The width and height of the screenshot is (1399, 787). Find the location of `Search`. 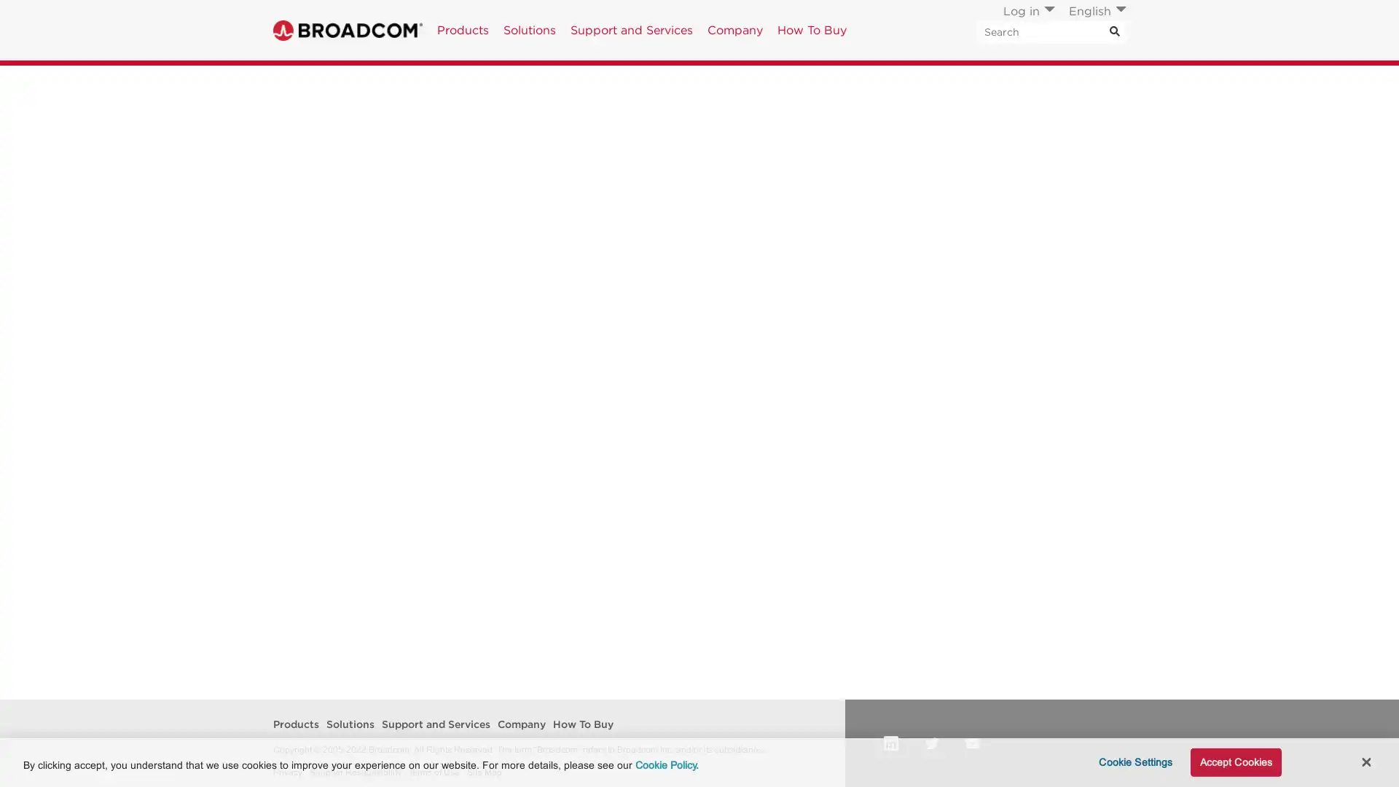

Search is located at coordinates (1097, 193).